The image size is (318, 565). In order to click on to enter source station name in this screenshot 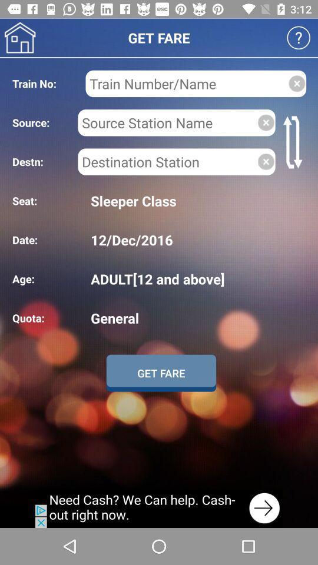, I will do `click(167, 122)`.